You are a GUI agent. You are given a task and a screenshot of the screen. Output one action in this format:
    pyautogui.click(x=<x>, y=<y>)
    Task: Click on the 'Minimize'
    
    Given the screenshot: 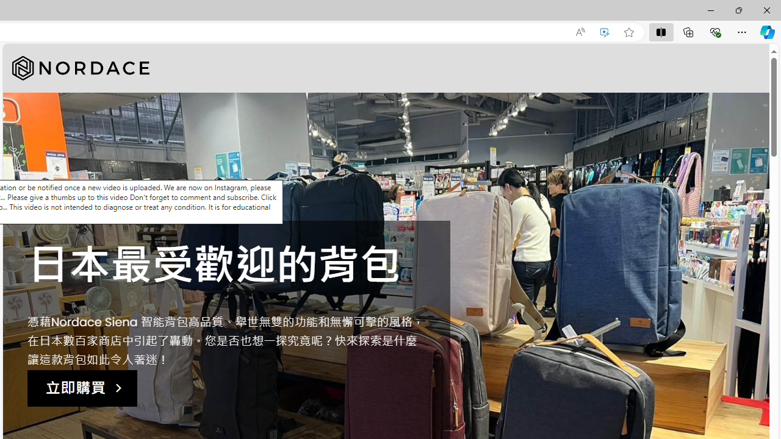 What is the action you would take?
    pyautogui.click(x=710, y=10)
    